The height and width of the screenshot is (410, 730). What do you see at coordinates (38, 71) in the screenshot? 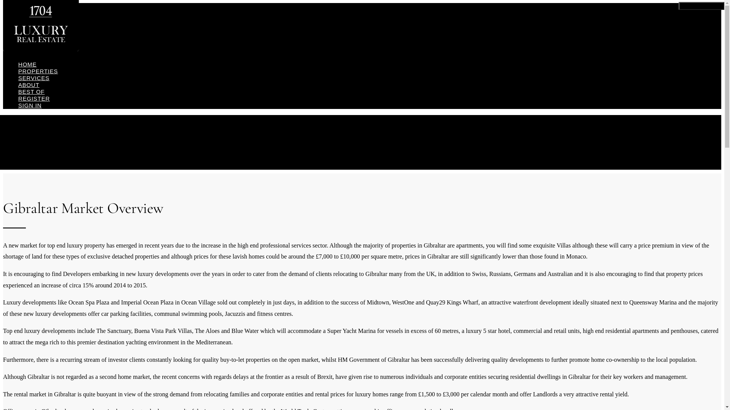
I see `'PROPERTIES'` at bounding box center [38, 71].